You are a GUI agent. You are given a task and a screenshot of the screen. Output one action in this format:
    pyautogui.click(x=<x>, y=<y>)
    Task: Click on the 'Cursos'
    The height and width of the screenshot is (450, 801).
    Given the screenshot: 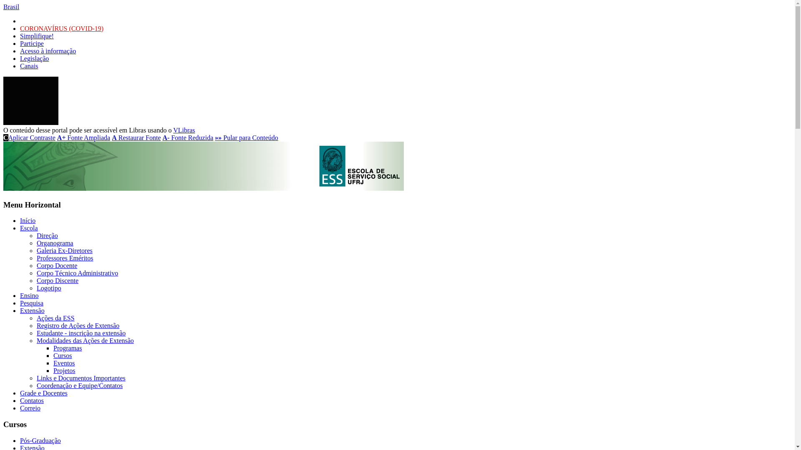 What is the action you would take?
    pyautogui.click(x=53, y=355)
    